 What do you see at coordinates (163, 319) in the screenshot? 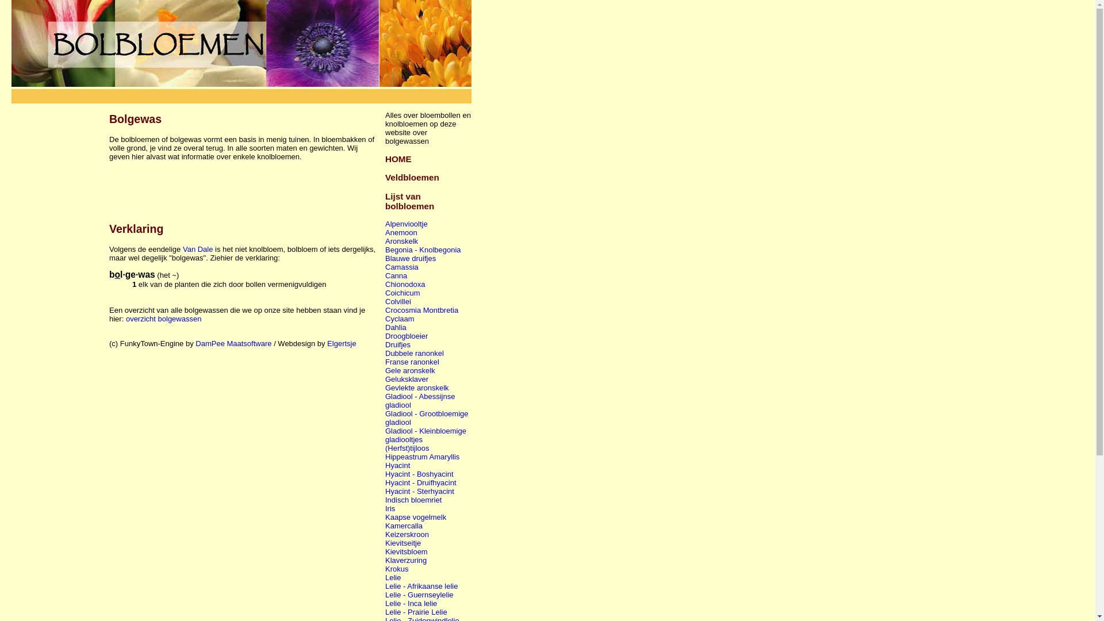
I see `'overzicht bolgewassen'` at bounding box center [163, 319].